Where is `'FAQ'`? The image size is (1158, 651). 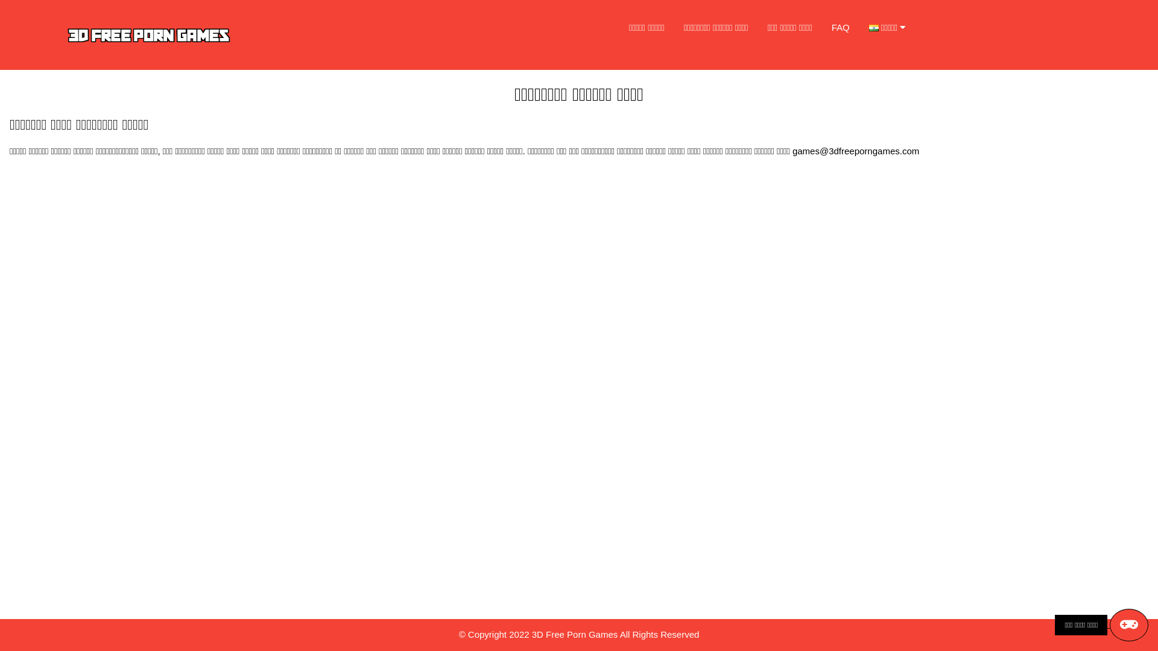
'FAQ' is located at coordinates (840, 27).